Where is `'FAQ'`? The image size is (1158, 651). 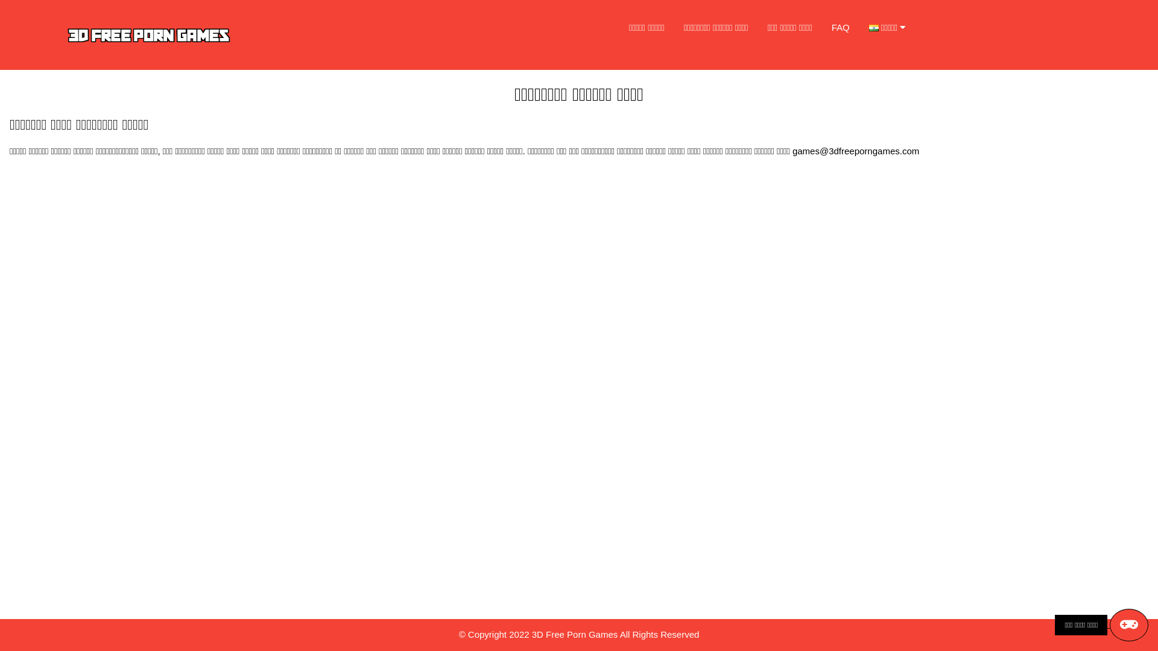
'FAQ' is located at coordinates (840, 27).